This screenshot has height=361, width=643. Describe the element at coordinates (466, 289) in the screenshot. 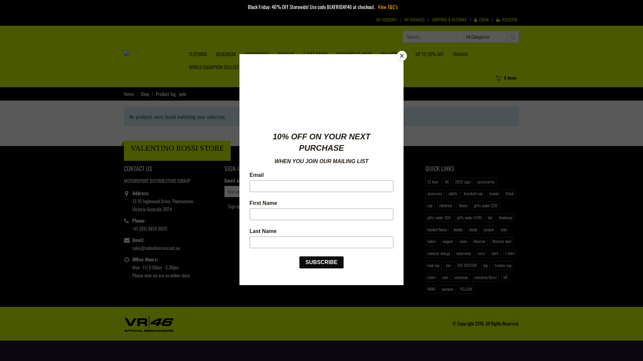

I see `'YELLOW'` at that location.